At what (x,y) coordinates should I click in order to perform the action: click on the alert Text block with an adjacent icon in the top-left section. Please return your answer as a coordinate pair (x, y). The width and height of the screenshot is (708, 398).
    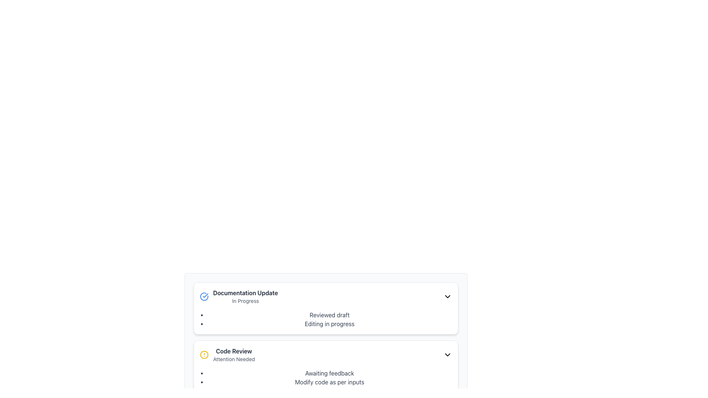
    Looking at the image, I should click on (227, 355).